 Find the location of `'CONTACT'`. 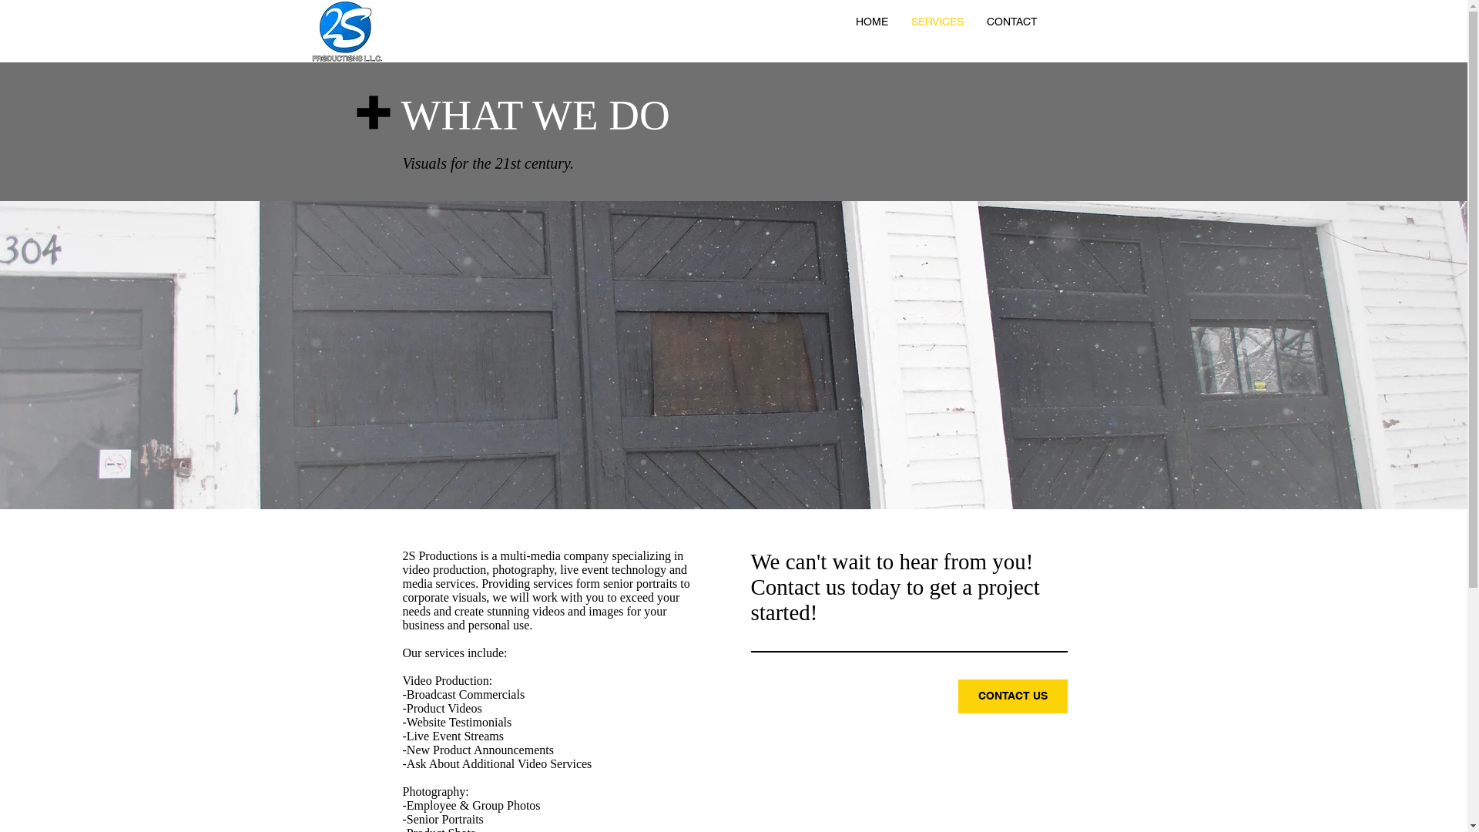

'CONTACT' is located at coordinates (1012, 21).